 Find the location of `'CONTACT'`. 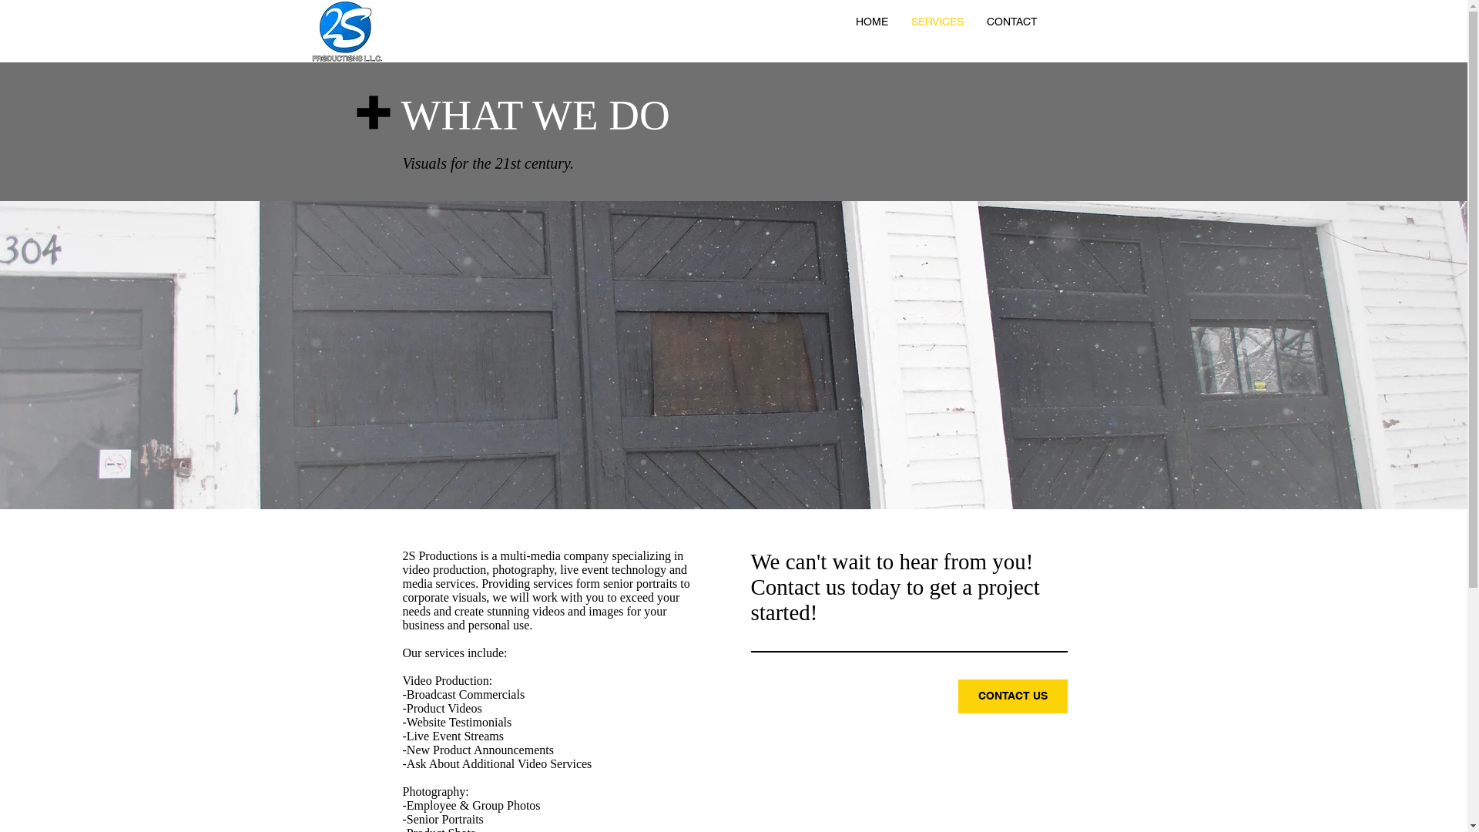

'CONTACT' is located at coordinates (1012, 21).